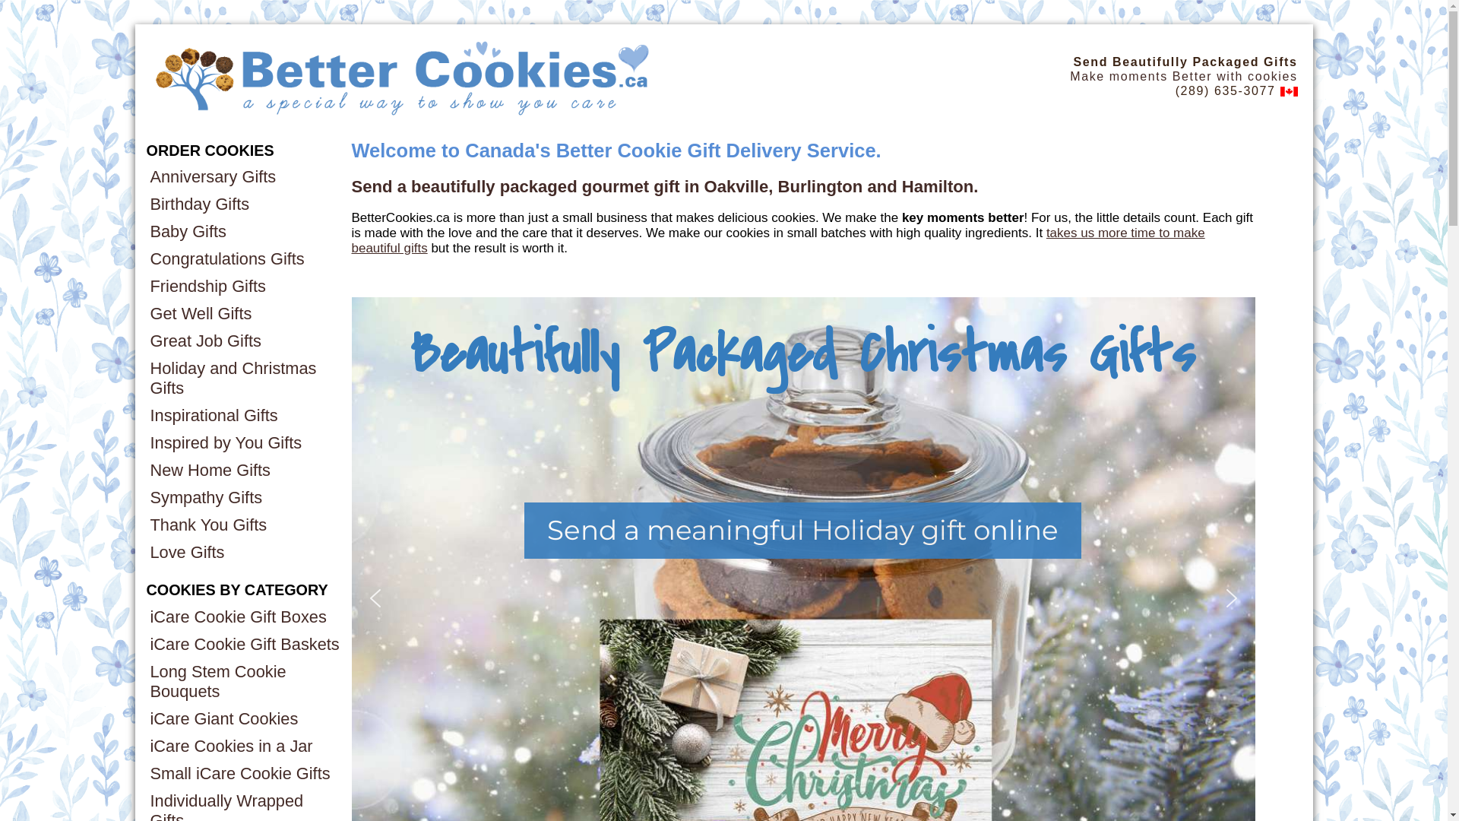  Describe the element at coordinates (244, 681) in the screenshot. I see `'Long Stem Cookie Bouquets'` at that location.